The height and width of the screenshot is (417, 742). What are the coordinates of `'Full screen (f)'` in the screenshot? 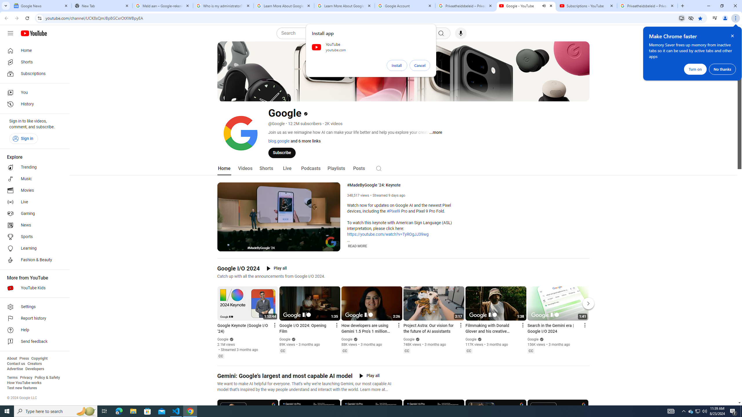 It's located at (331, 246).